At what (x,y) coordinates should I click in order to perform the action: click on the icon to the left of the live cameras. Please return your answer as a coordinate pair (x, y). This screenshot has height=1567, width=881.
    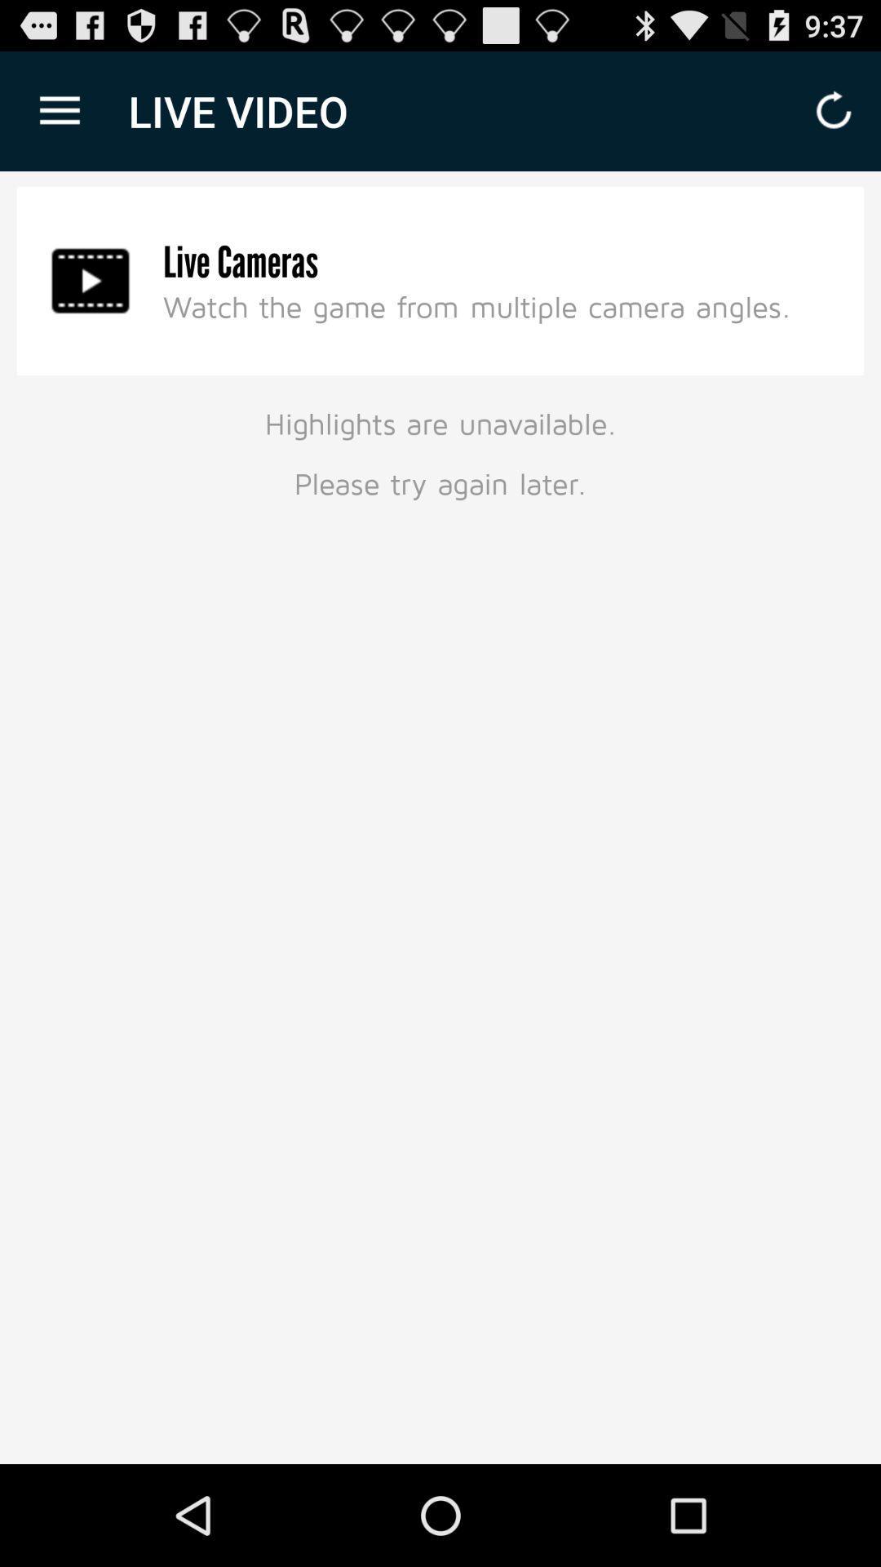
    Looking at the image, I should click on (91, 281).